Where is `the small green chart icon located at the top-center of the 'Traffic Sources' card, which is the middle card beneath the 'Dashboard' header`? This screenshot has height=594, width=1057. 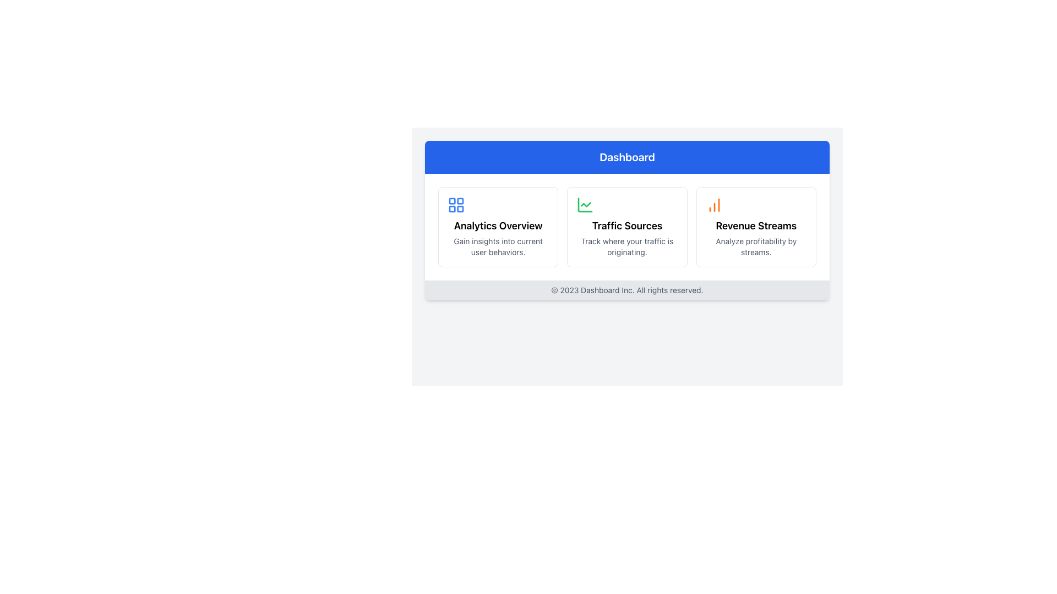 the small green chart icon located at the top-center of the 'Traffic Sources' card, which is the middle card beneath the 'Dashboard' header is located at coordinates (585, 205).